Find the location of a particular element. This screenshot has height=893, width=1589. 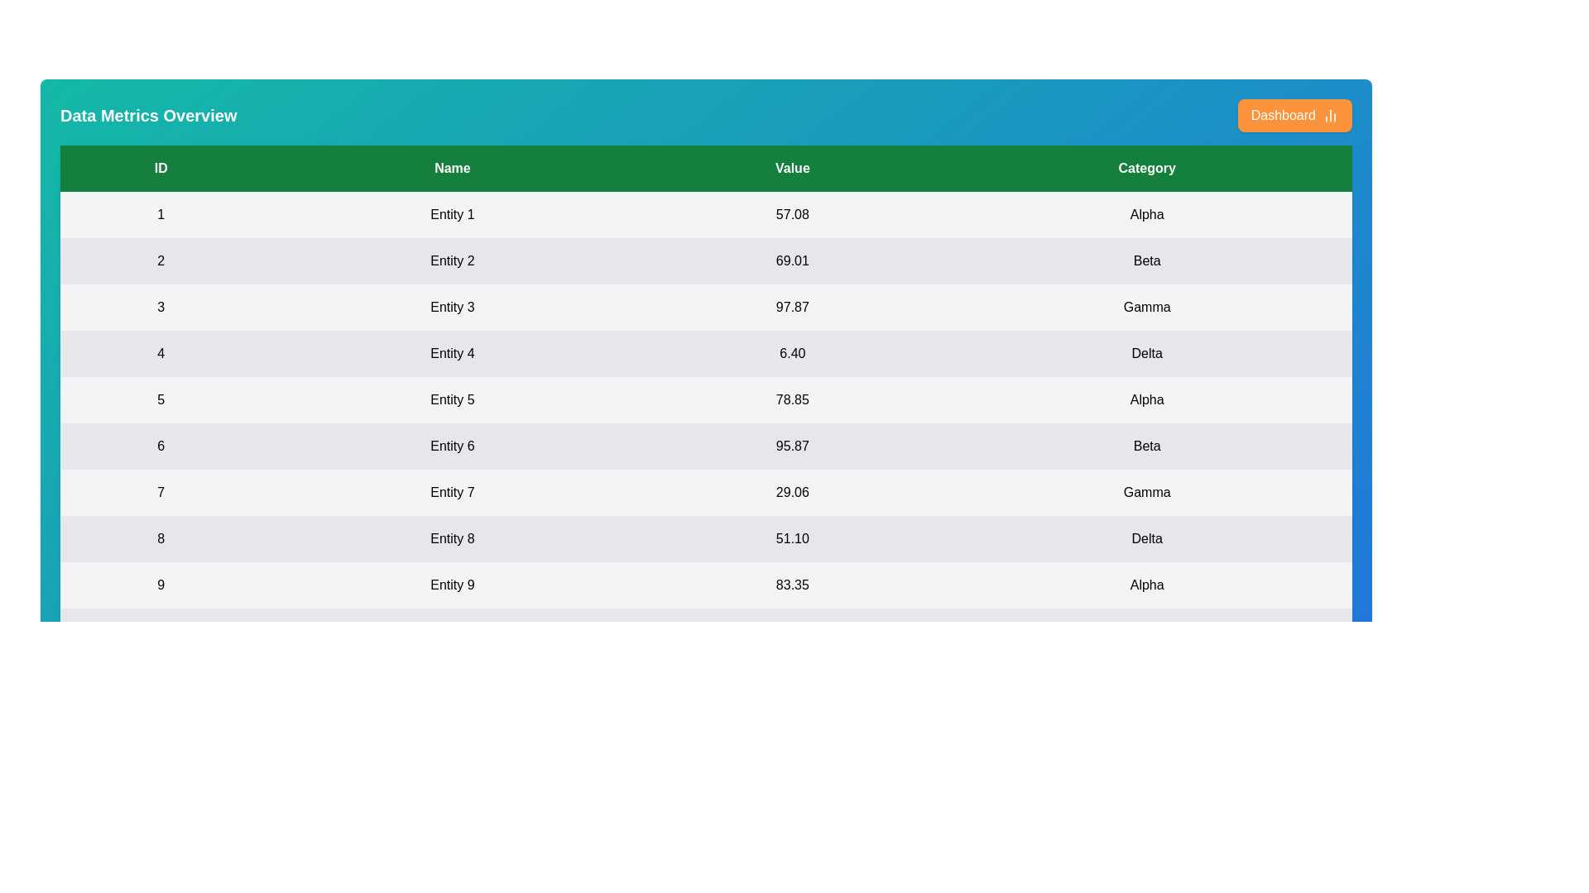

the row corresponding to 2 is located at coordinates (706, 260).